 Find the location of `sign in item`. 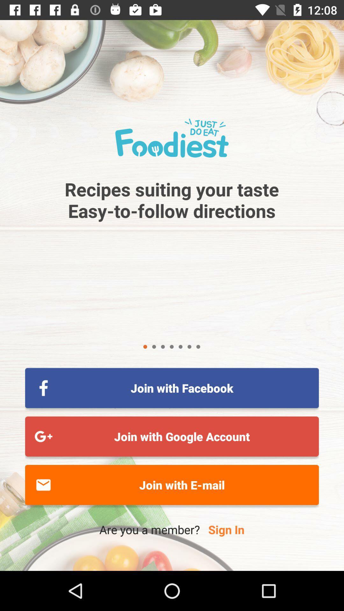

sign in item is located at coordinates (226, 530).